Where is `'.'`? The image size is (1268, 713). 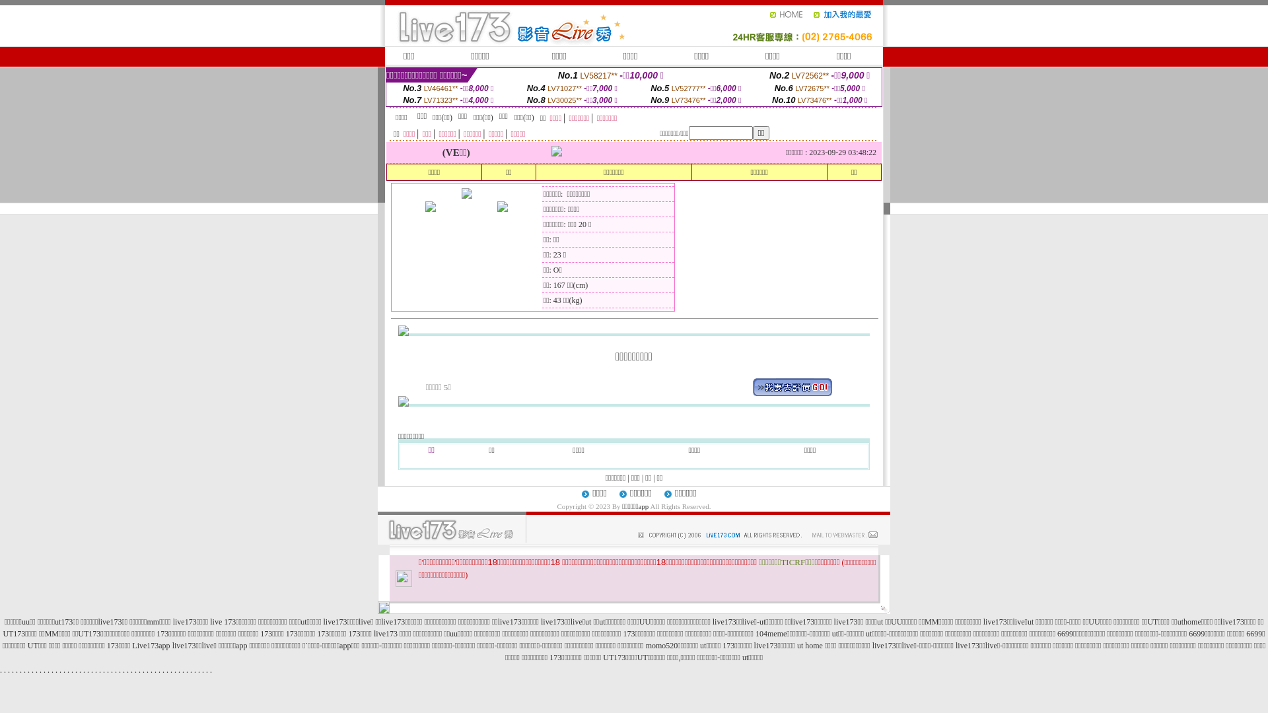
'.' is located at coordinates (143, 669).